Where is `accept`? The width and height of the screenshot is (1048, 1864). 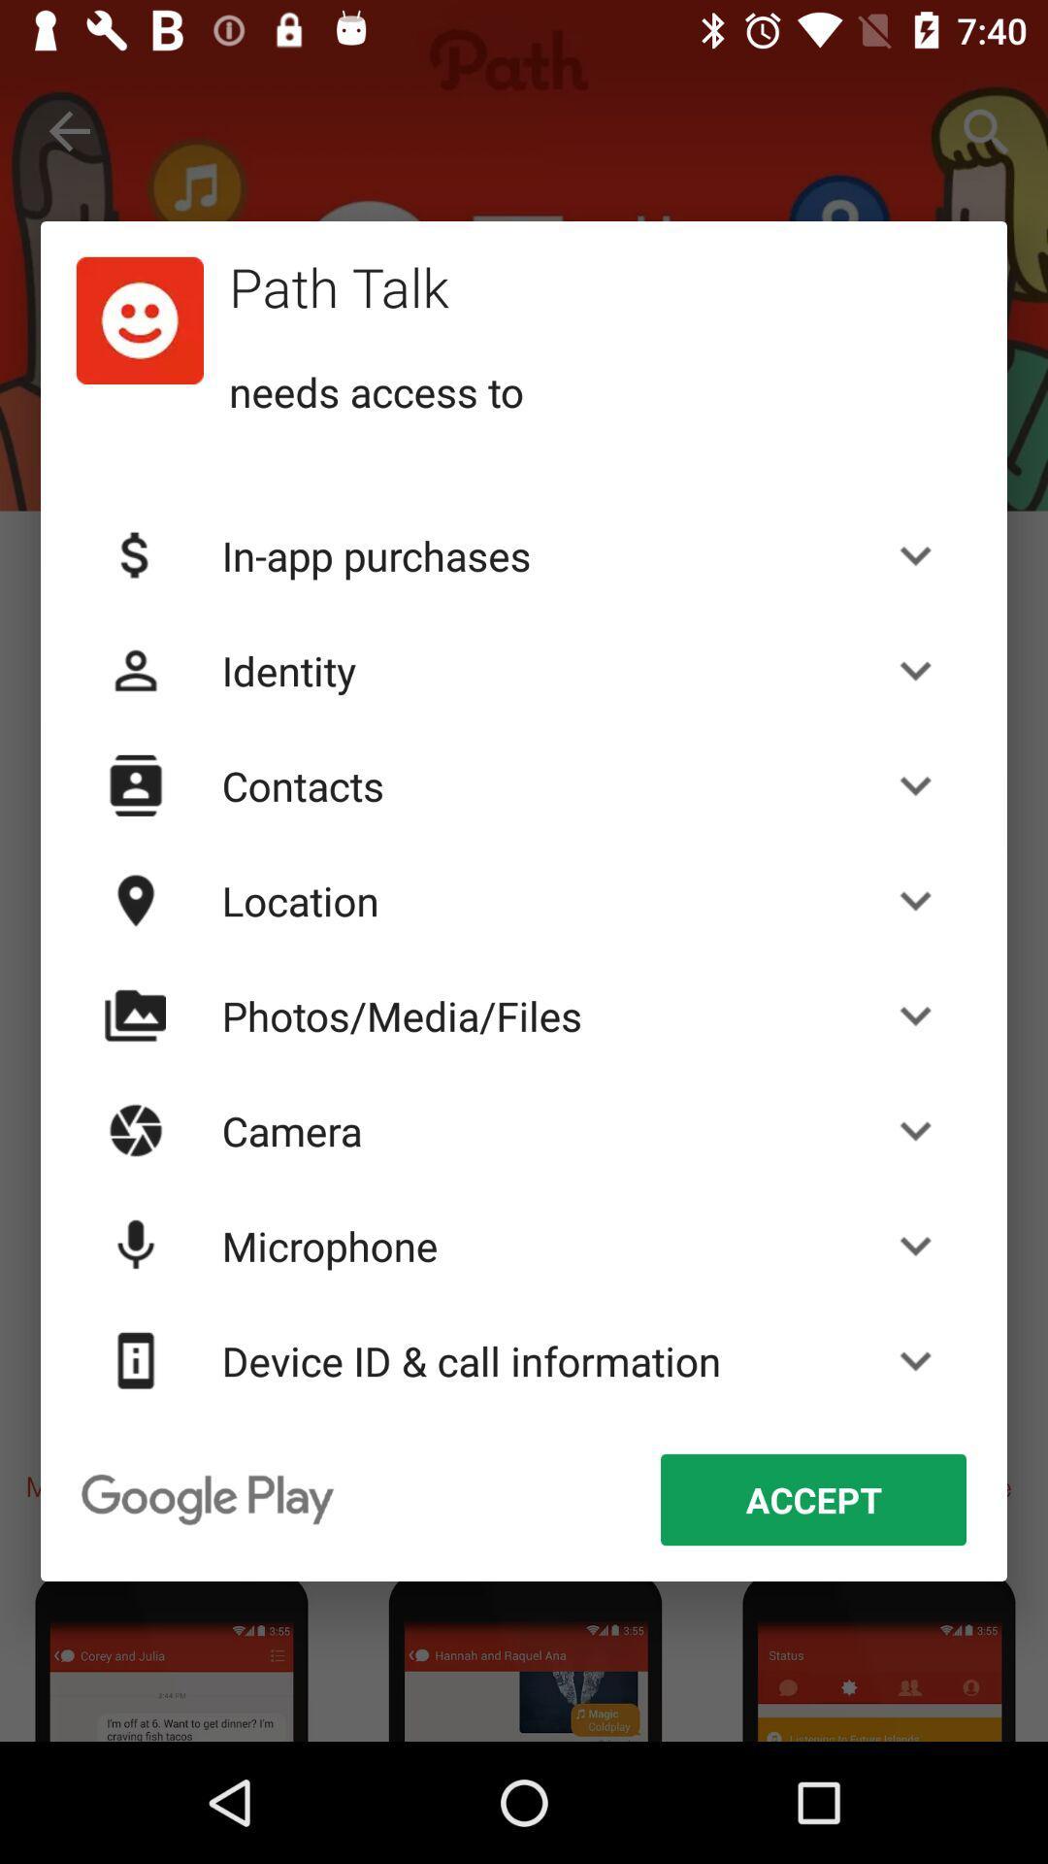 accept is located at coordinates (813, 1499).